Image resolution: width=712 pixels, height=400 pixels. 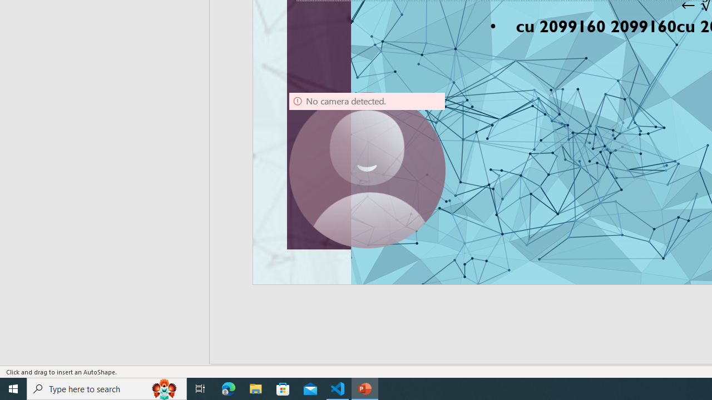 I want to click on 'Timeline Section', so click(x=184, y=221).